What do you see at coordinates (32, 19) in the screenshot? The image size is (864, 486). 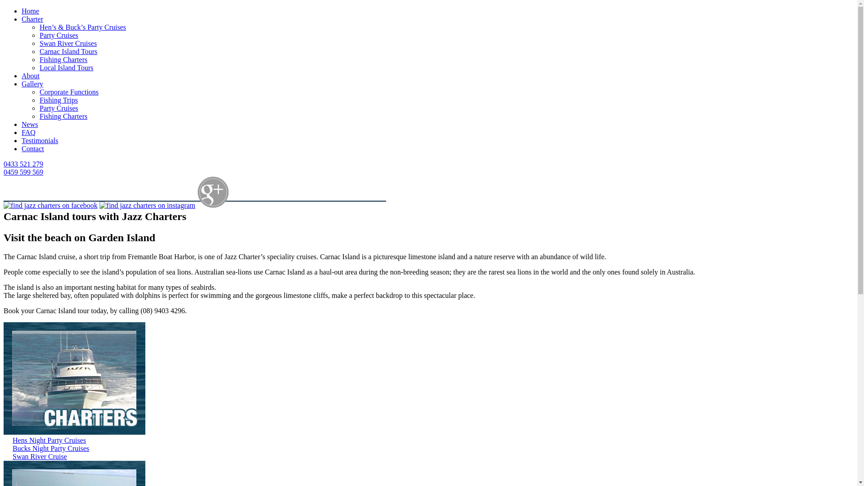 I see `'Charter'` at bounding box center [32, 19].